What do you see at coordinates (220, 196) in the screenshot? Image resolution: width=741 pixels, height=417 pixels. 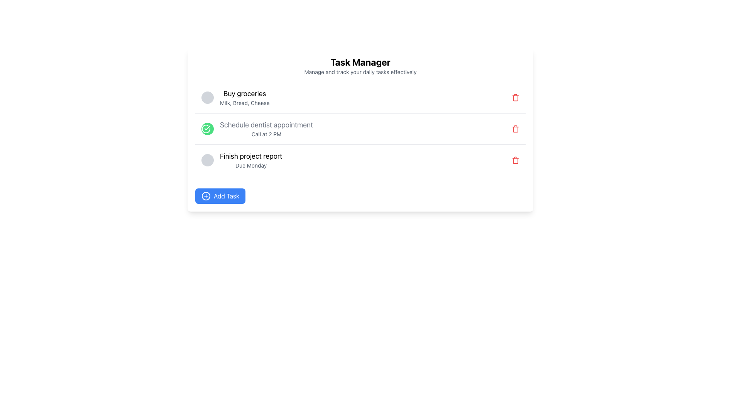 I see `the button located at the bottom-left of the task manager interface` at bounding box center [220, 196].